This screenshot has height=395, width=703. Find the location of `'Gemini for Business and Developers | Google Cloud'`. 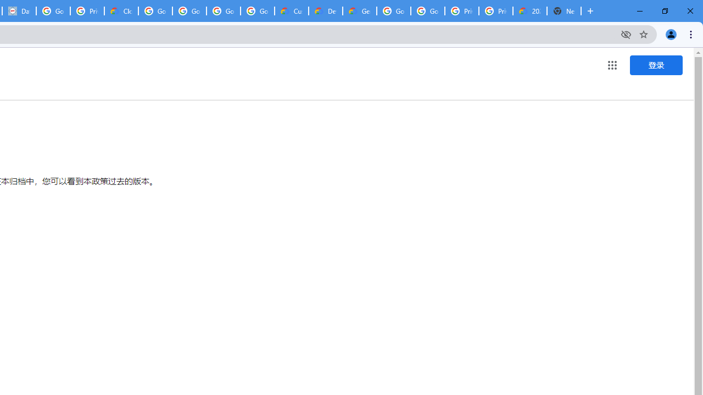

'Gemini for Business and Developers | Google Cloud' is located at coordinates (359, 11).